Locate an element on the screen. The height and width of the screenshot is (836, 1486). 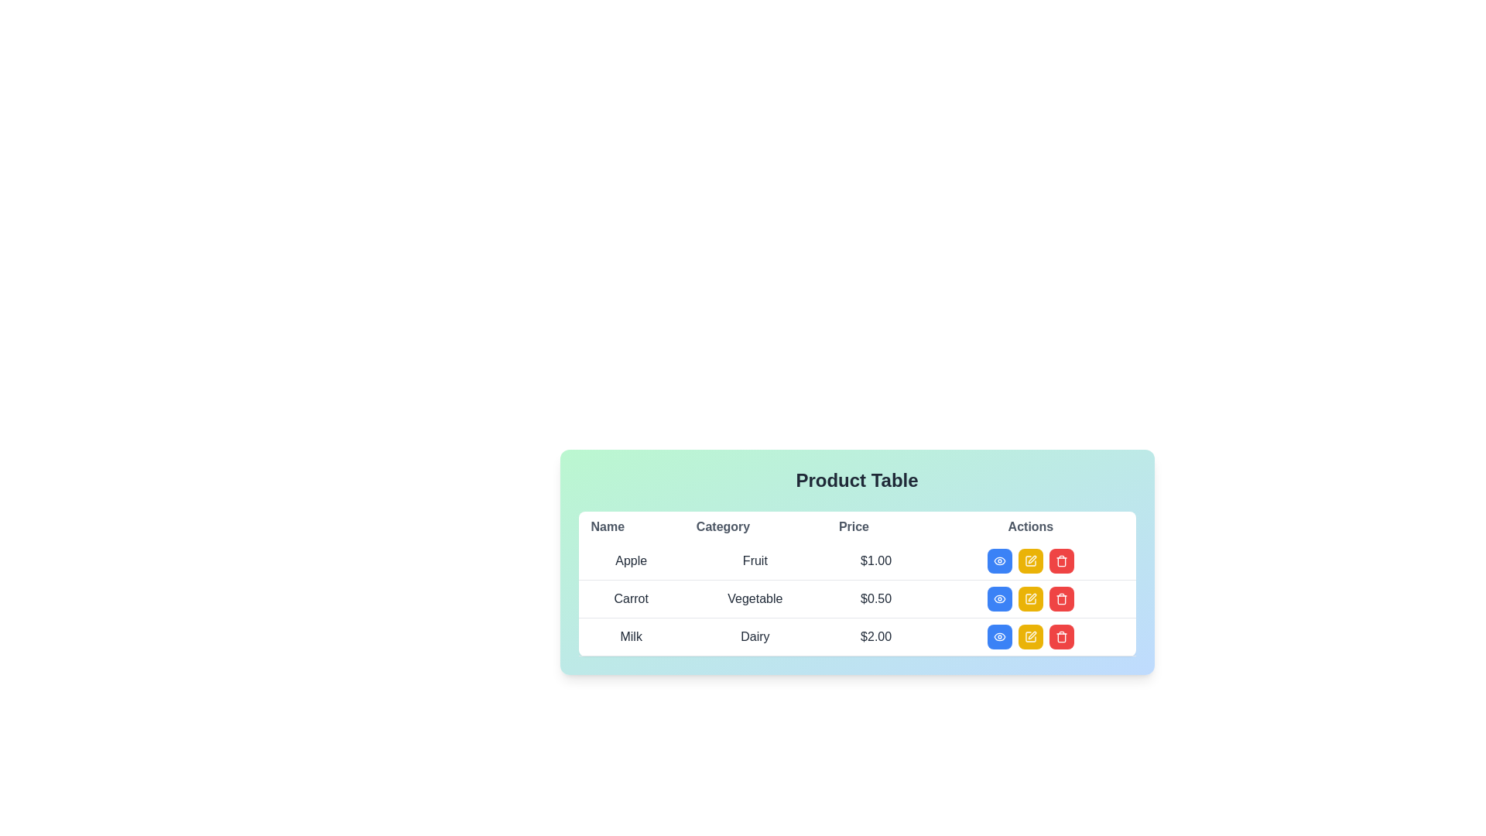
the arc-shaped icon in the 'Actions' column of the last row in the 'Product Table' is located at coordinates (999, 636).